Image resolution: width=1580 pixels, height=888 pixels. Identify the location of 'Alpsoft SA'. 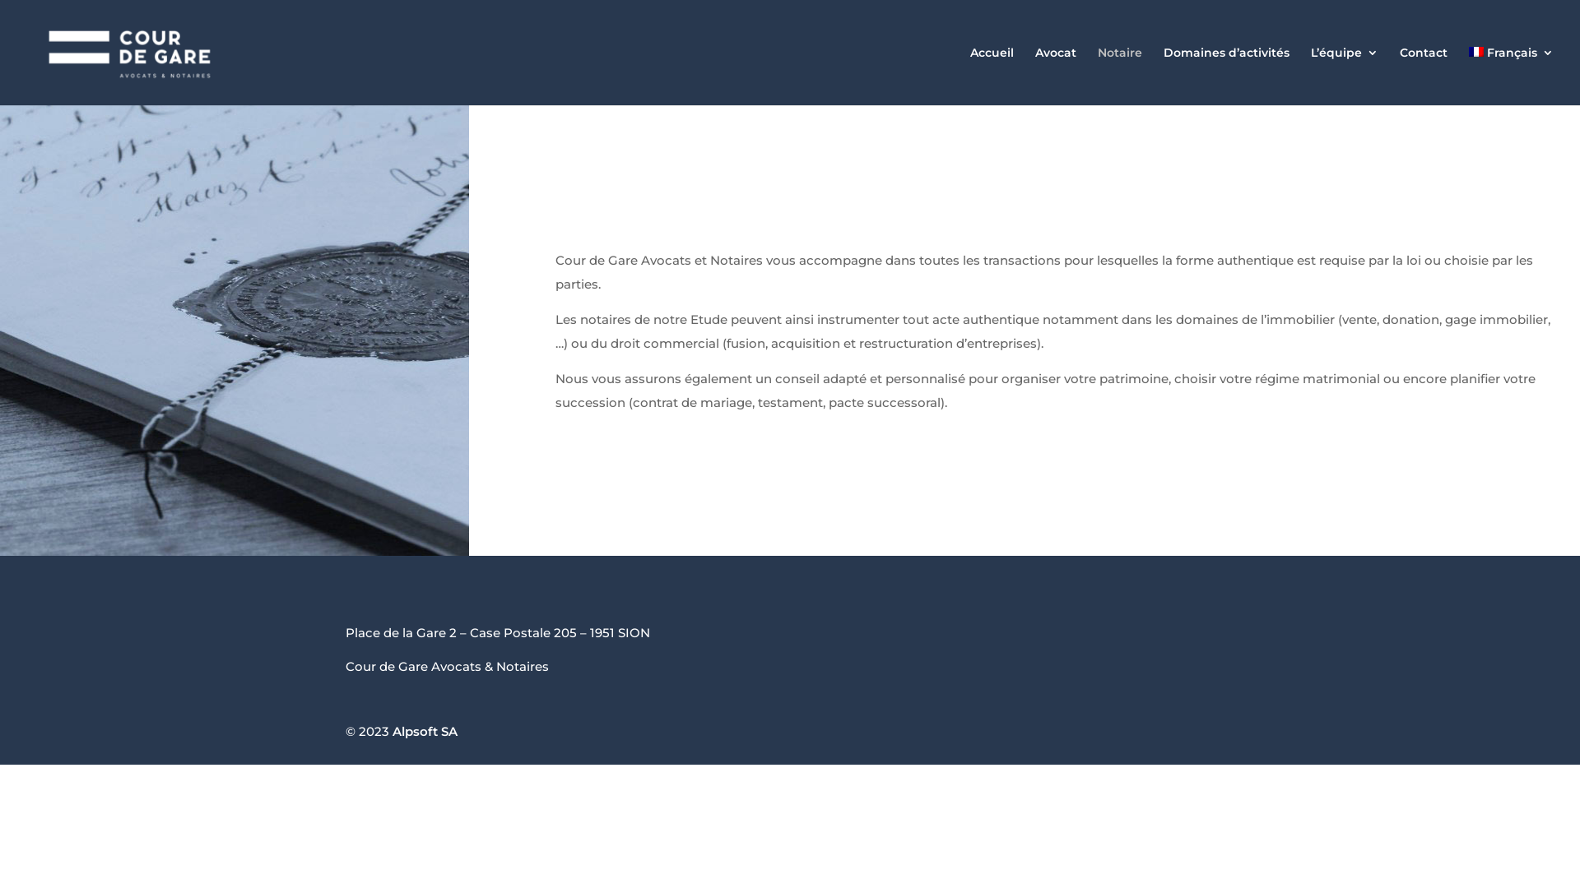
(425, 730).